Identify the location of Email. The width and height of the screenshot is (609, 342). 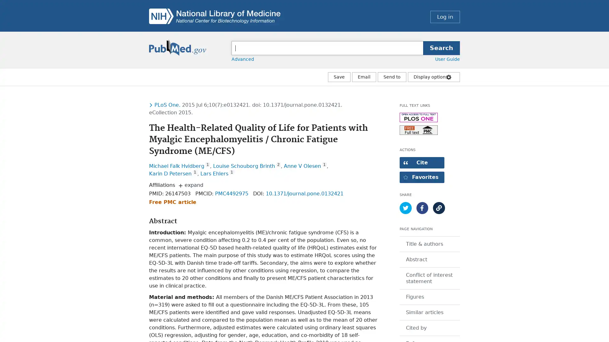
(364, 77).